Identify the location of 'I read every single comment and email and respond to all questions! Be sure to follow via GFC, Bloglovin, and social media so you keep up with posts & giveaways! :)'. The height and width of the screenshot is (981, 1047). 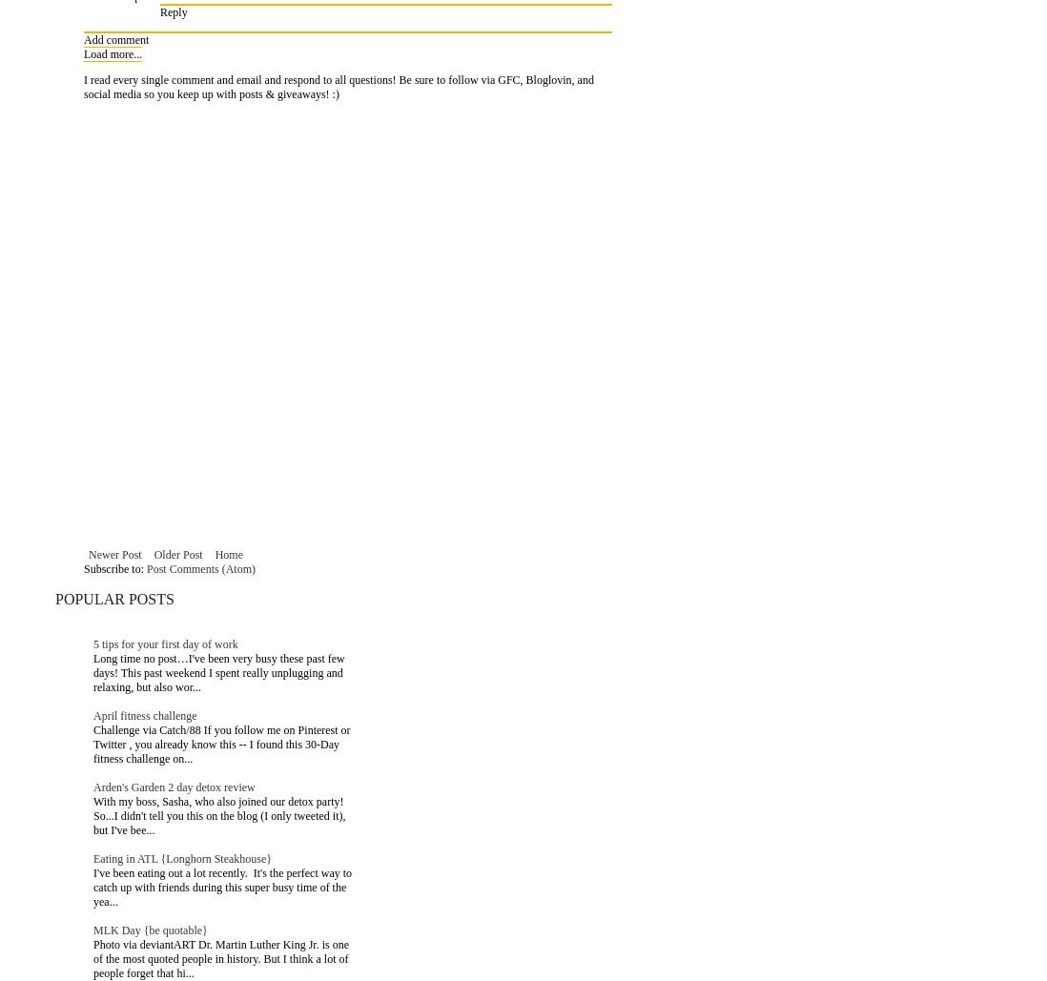
(338, 86).